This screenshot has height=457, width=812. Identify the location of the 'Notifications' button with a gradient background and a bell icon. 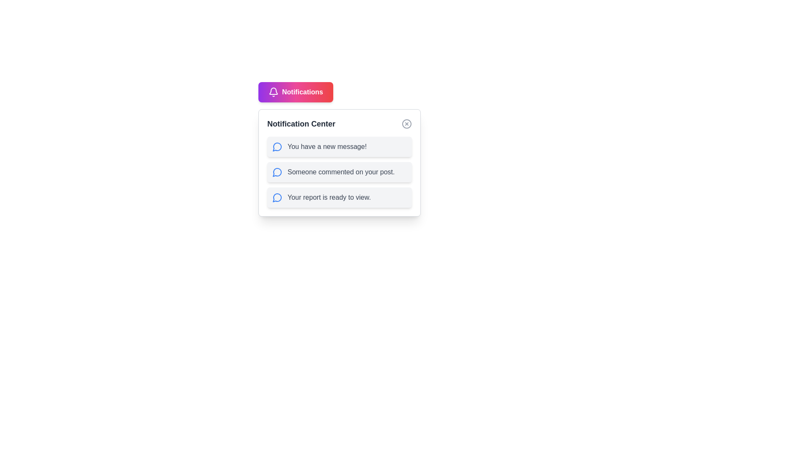
(296, 92).